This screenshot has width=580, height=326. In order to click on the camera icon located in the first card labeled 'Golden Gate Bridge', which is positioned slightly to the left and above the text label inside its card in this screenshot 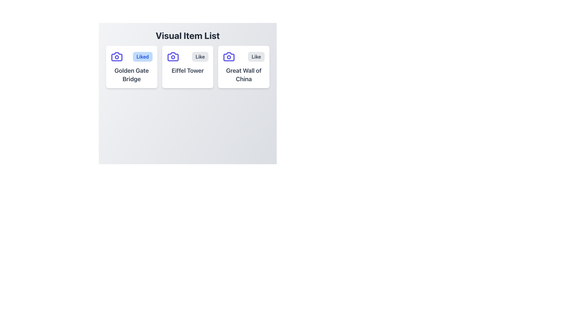, I will do `click(117, 57)`.